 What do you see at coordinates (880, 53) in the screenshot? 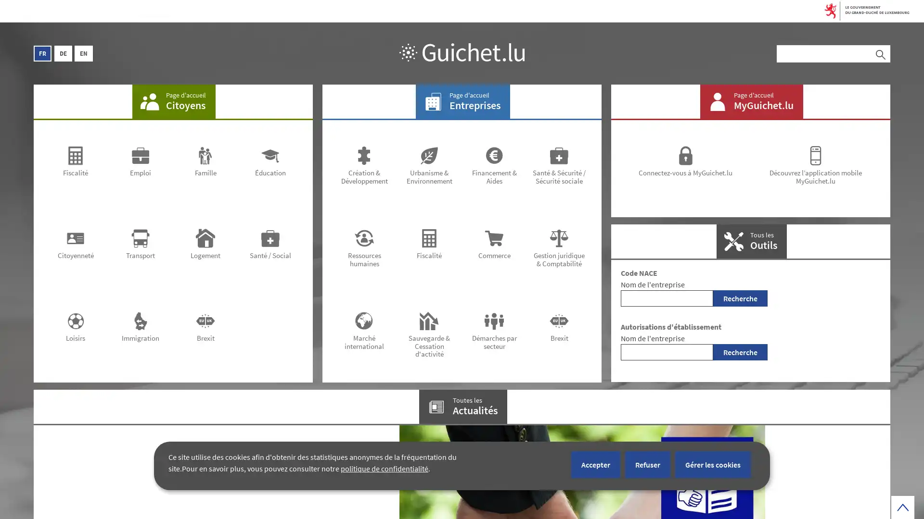
I see `Rechercher` at bounding box center [880, 53].